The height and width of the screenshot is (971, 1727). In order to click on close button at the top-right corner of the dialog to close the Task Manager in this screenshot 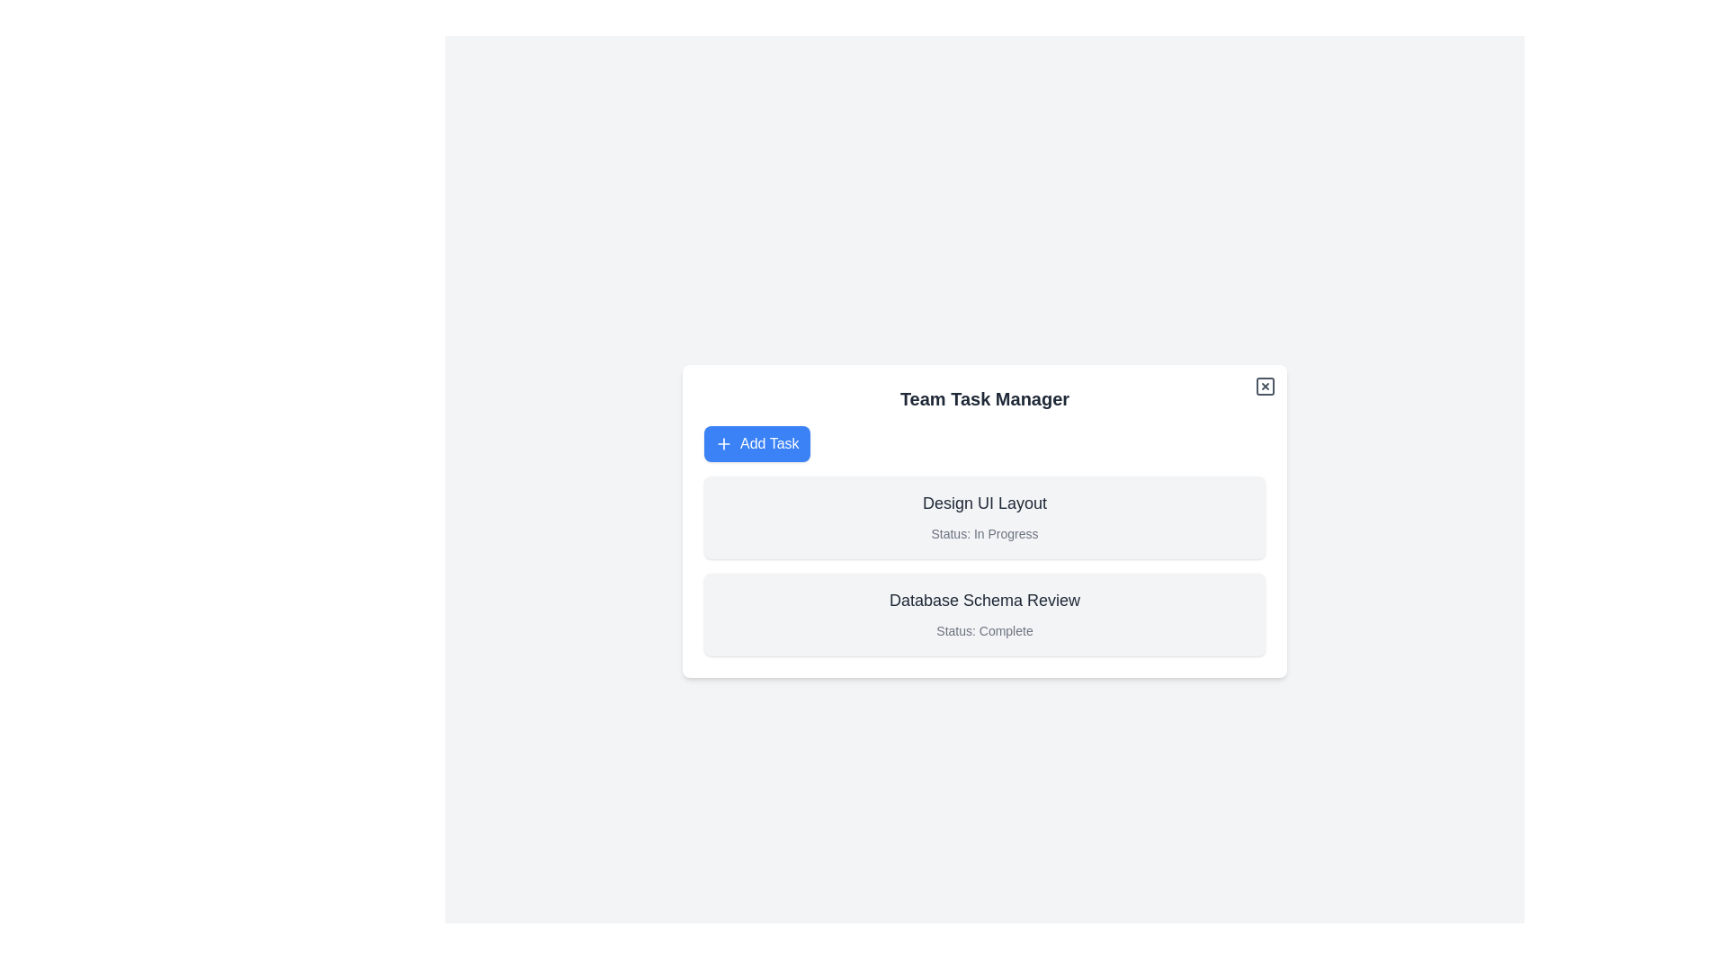, I will do `click(1264, 385)`.